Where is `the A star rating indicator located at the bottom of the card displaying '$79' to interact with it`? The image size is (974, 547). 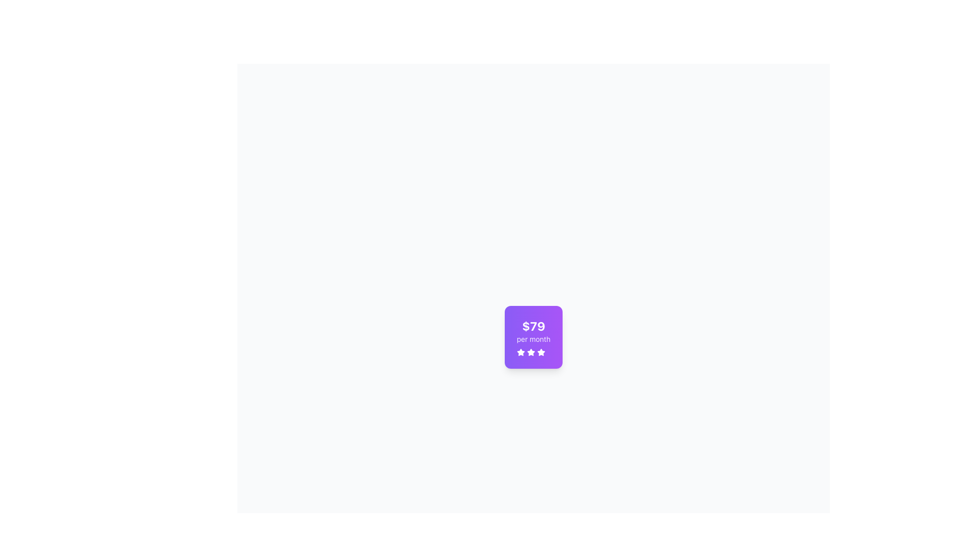 the A star rating indicator located at the bottom of the card displaying '$79' to interact with it is located at coordinates (533, 351).